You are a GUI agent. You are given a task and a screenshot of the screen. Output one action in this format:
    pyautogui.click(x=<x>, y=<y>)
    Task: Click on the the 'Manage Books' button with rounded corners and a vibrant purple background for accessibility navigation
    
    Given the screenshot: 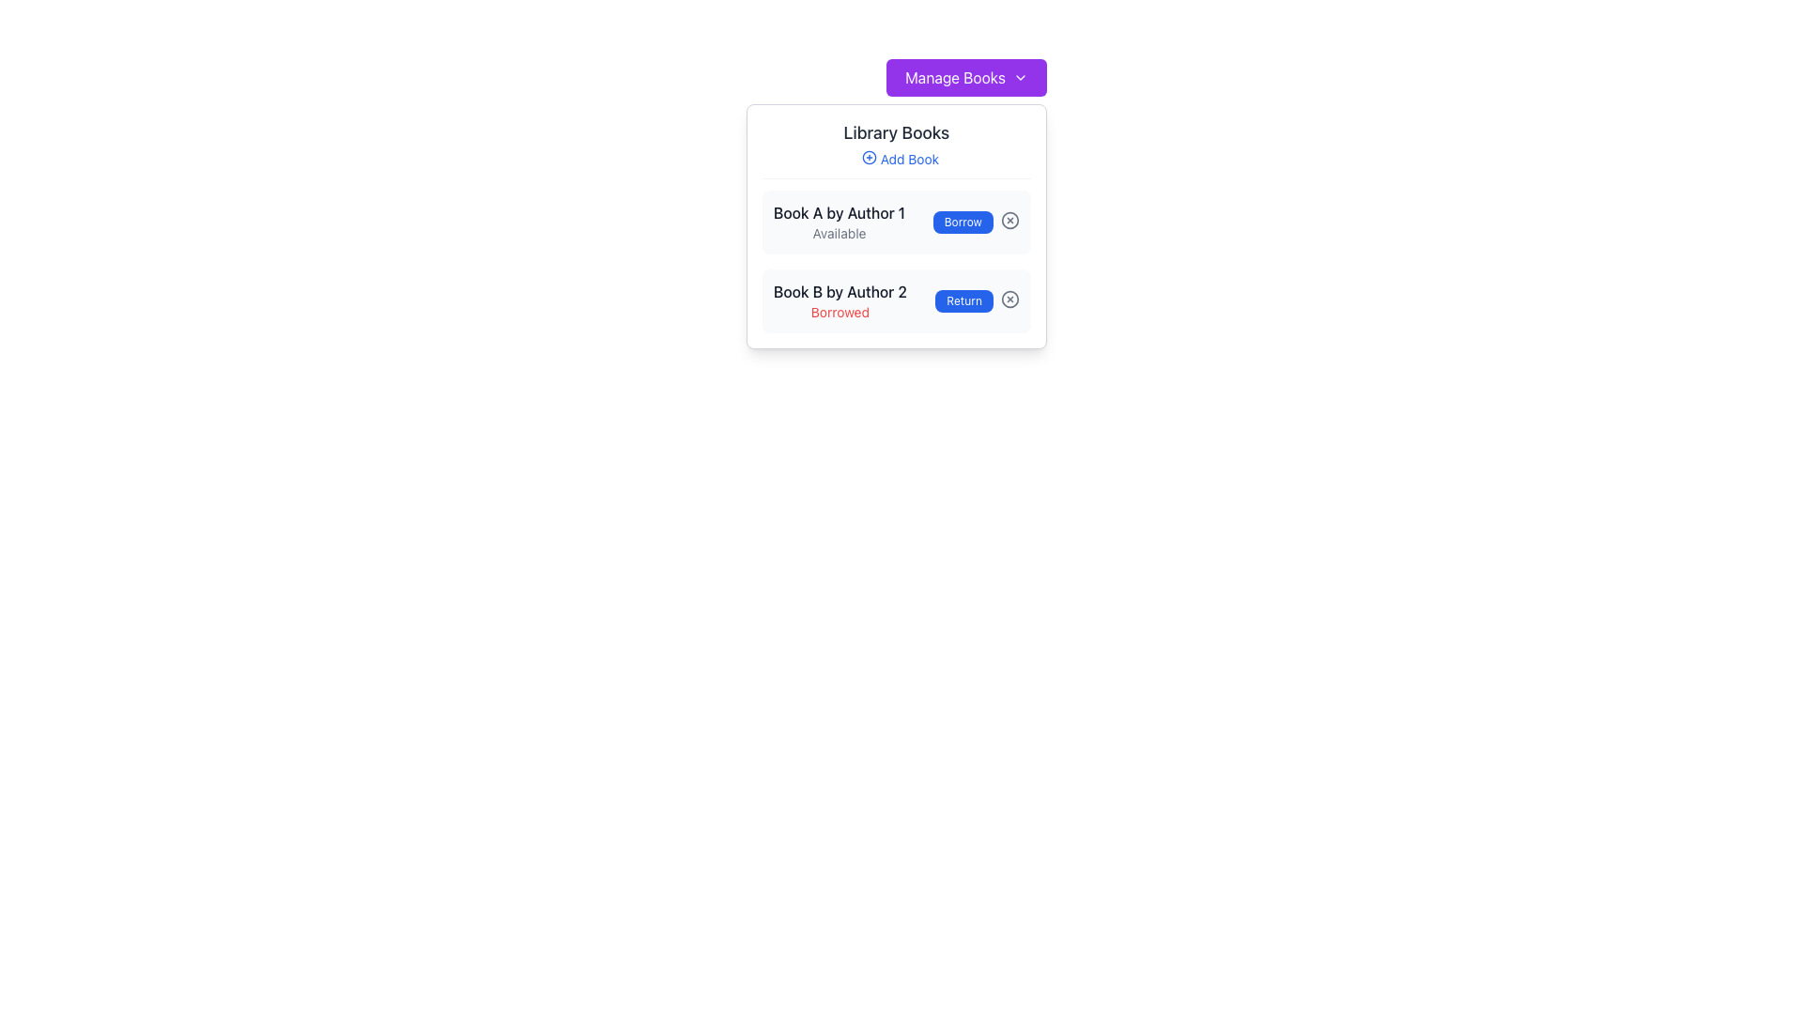 What is the action you would take?
    pyautogui.click(x=966, y=77)
    